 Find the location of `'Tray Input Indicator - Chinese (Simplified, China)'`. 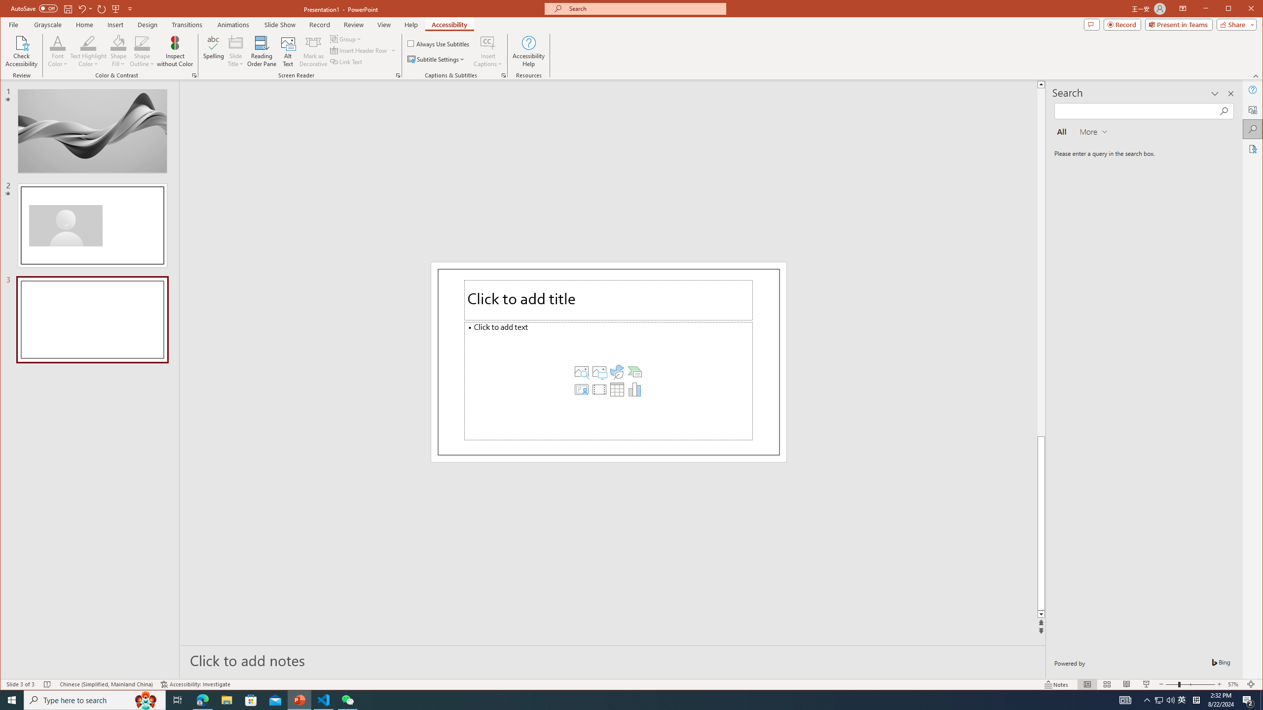

'Tray Input Indicator - Chinese (Simplified, China)' is located at coordinates (1196, 699).